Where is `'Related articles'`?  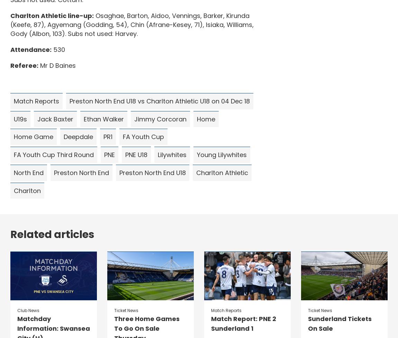
'Related articles' is located at coordinates (10, 235).